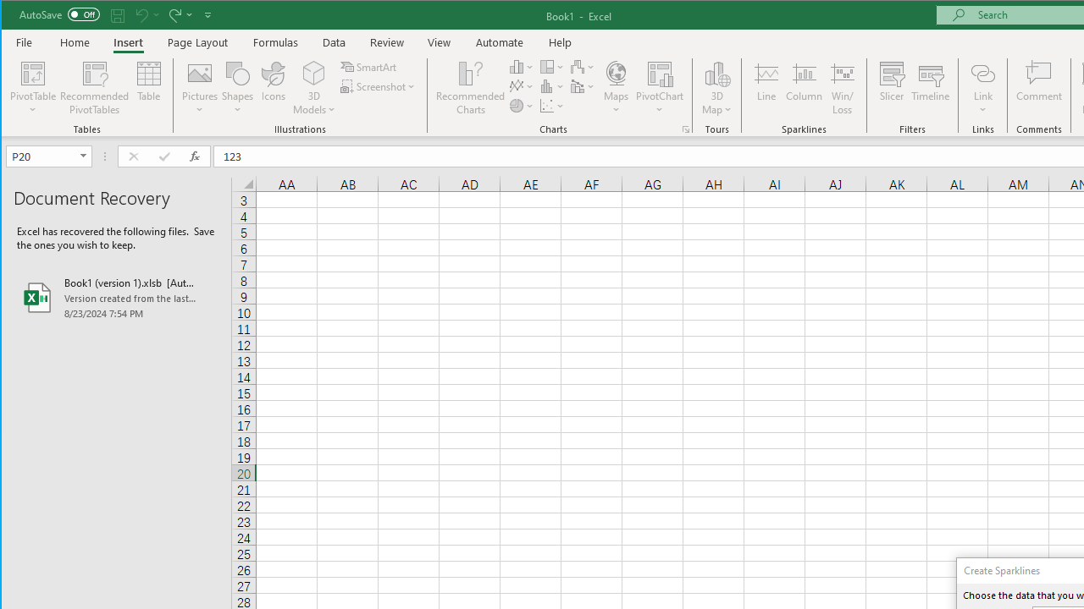 This screenshot has height=609, width=1084. Describe the element at coordinates (379, 86) in the screenshot. I see `'Screenshot'` at that location.